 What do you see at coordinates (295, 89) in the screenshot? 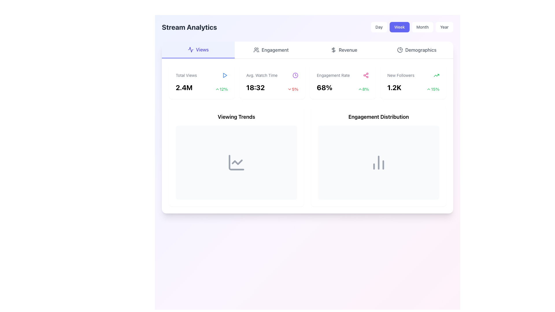
I see `the text label displaying '5%' in bold red font, located in the 'Avg. Watch Time' section of the analytics dashboard, next to the downward-facing chevron icon` at bounding box center [295, 89].